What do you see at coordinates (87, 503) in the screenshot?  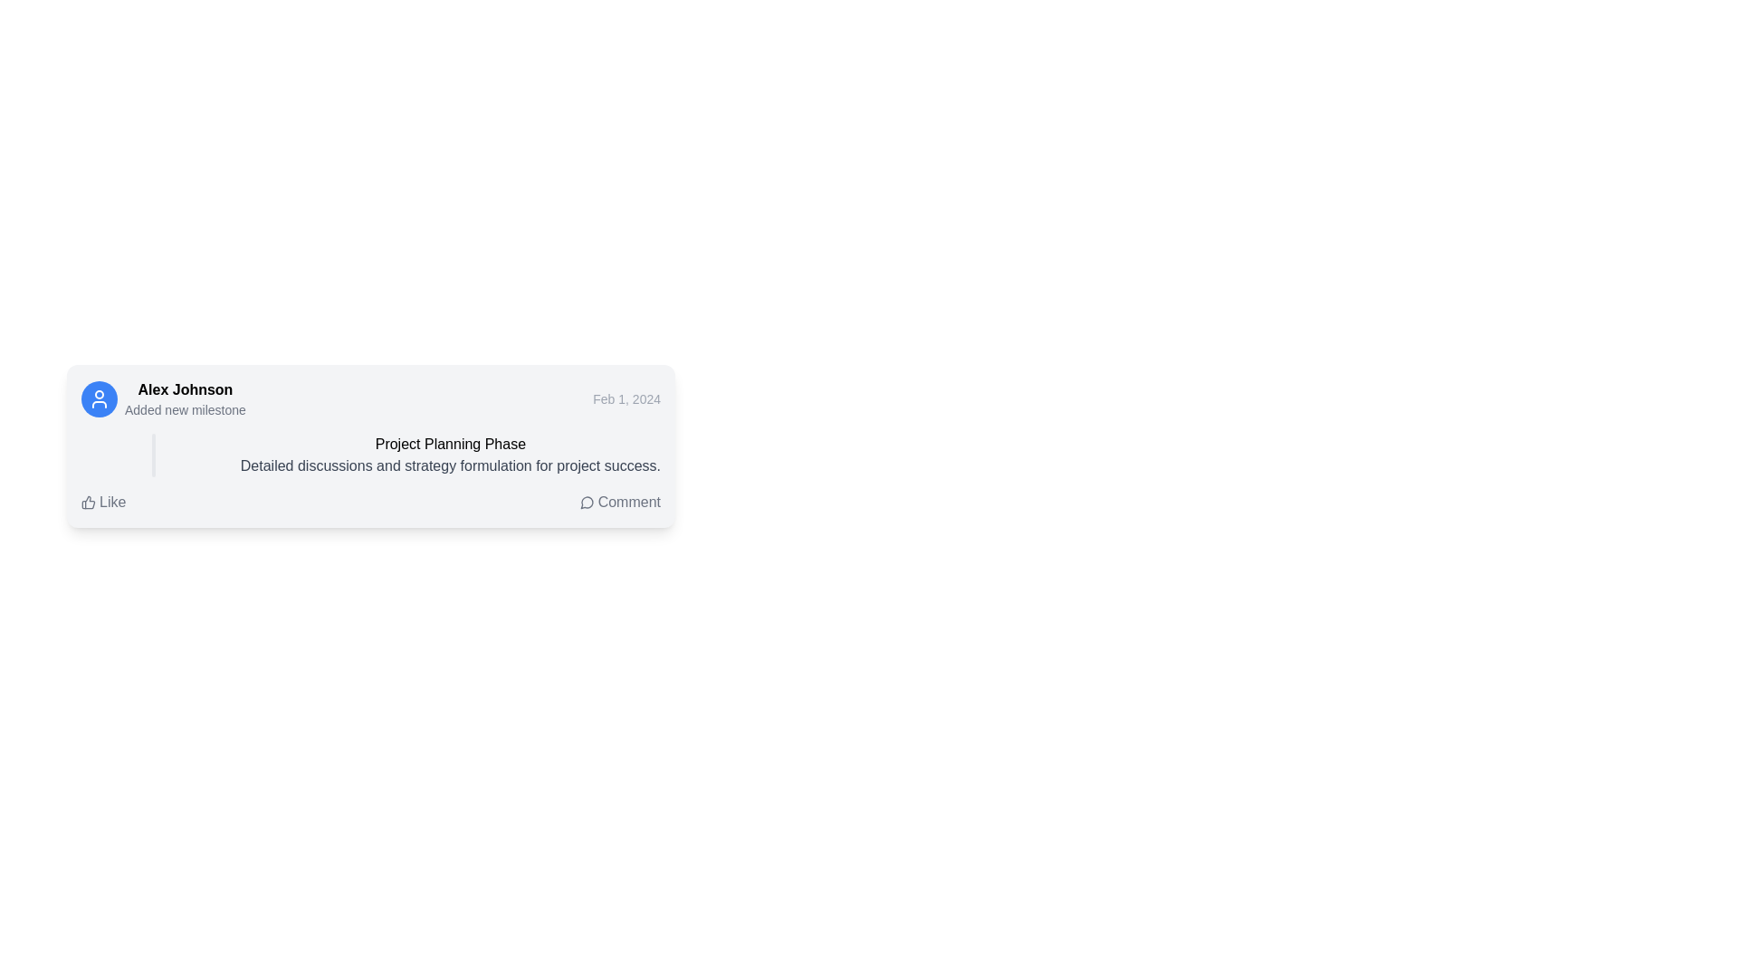 I see `the 'Like' button icon located in the lower-left corner of the card component` at bounding box center [87, 503].